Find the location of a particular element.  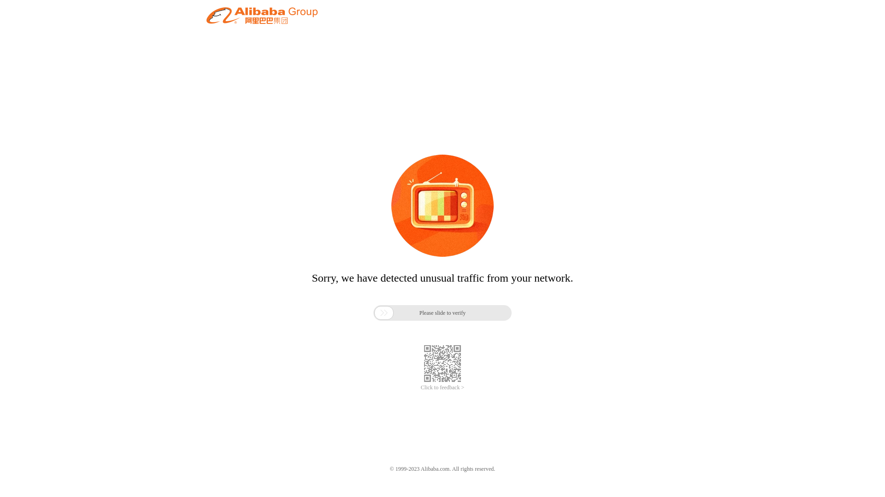

'Click to feedback >' is located at coordinates (442, 387).